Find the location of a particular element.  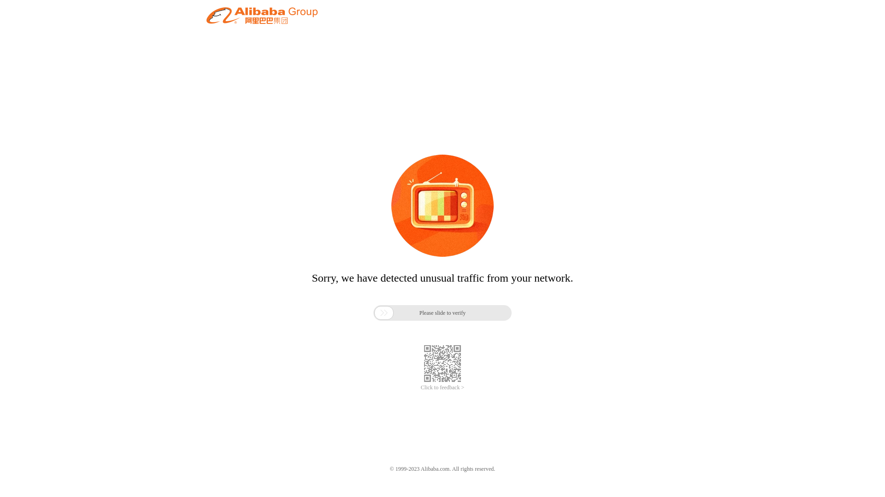

'Click to feedback >' is located at coordinates (442, 387).